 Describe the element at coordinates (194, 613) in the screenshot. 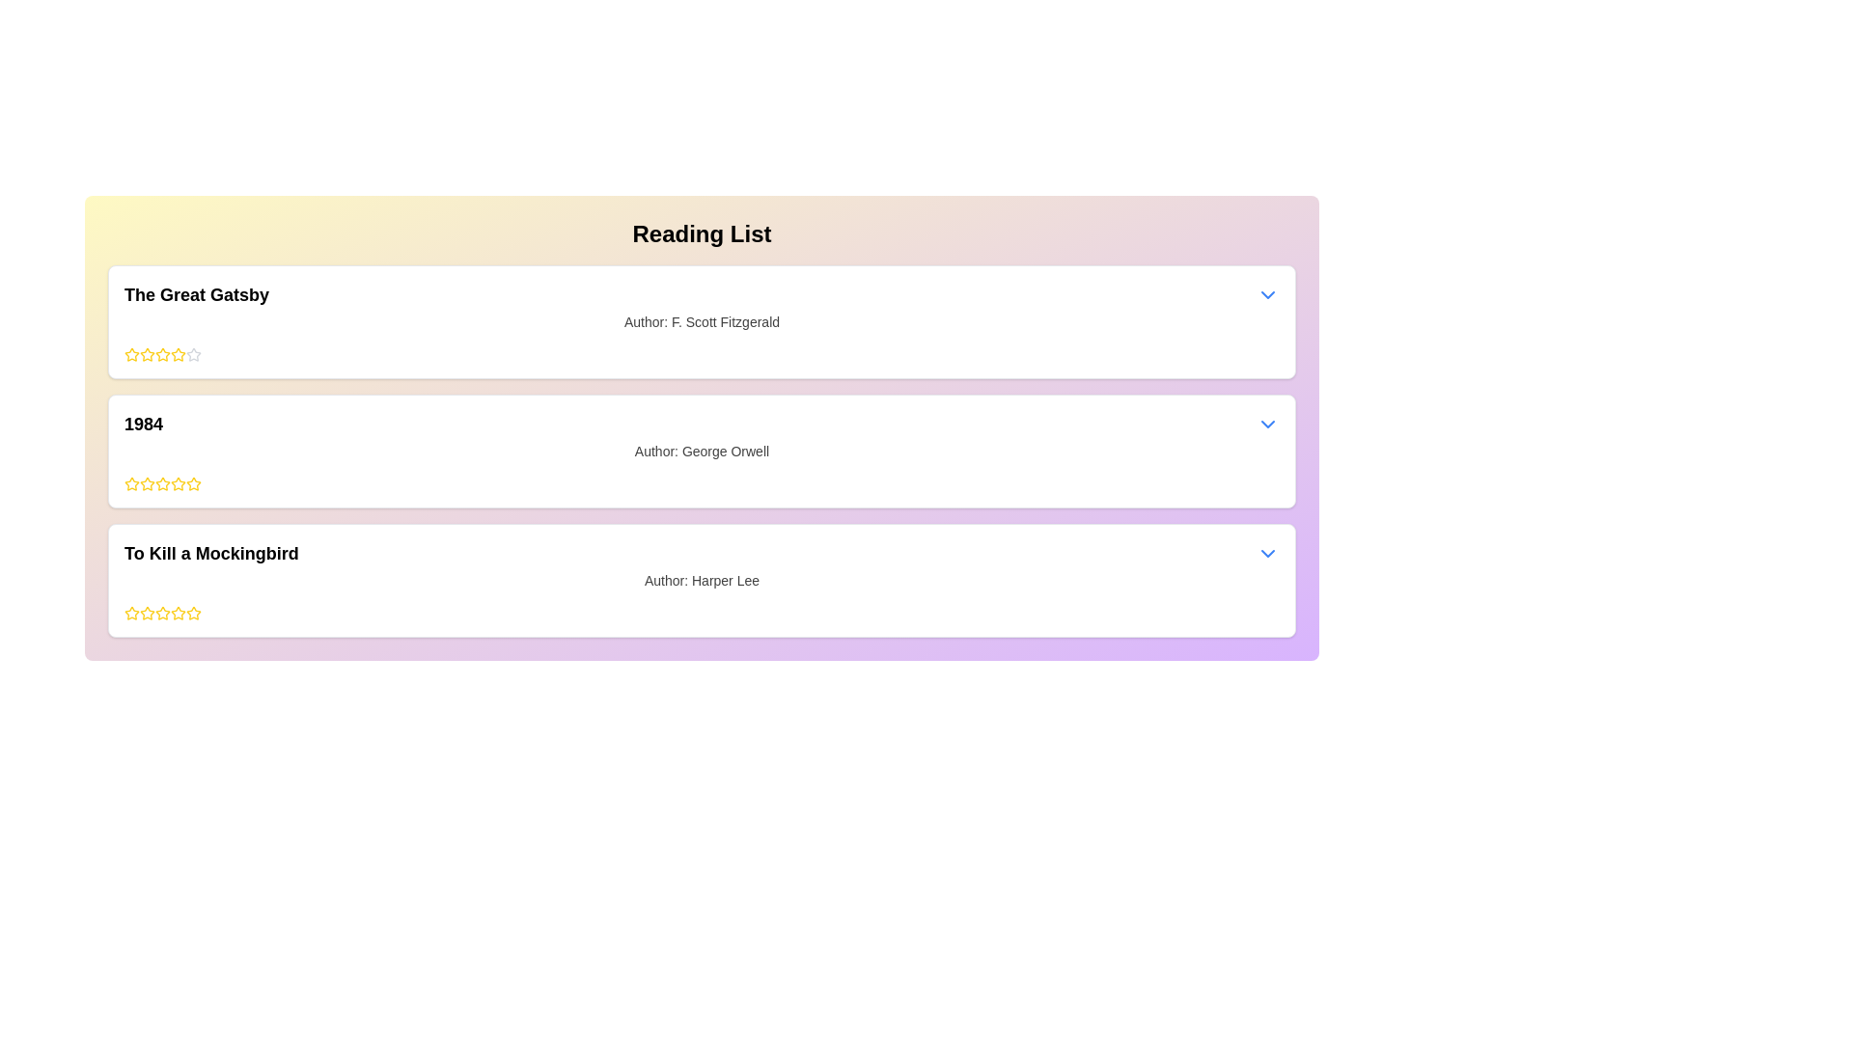

I see `the second star icon in the rating system for keyboard control, located in the bottom rating section of the 'To Kill a Mockingbird' card` at that location.